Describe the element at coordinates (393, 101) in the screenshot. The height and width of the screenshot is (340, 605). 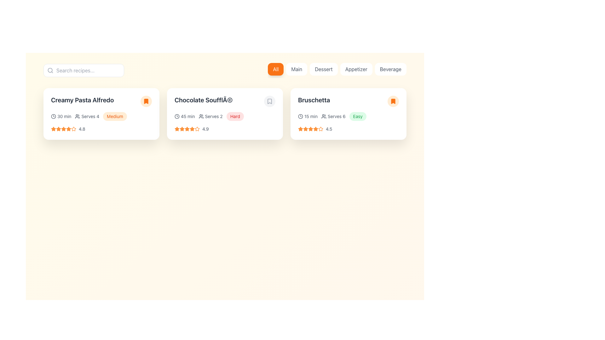
I see `the circular orange button with a bookmark icon located in the top-right corner of the 'Bruschetta' card to bookmark the item` at that location.